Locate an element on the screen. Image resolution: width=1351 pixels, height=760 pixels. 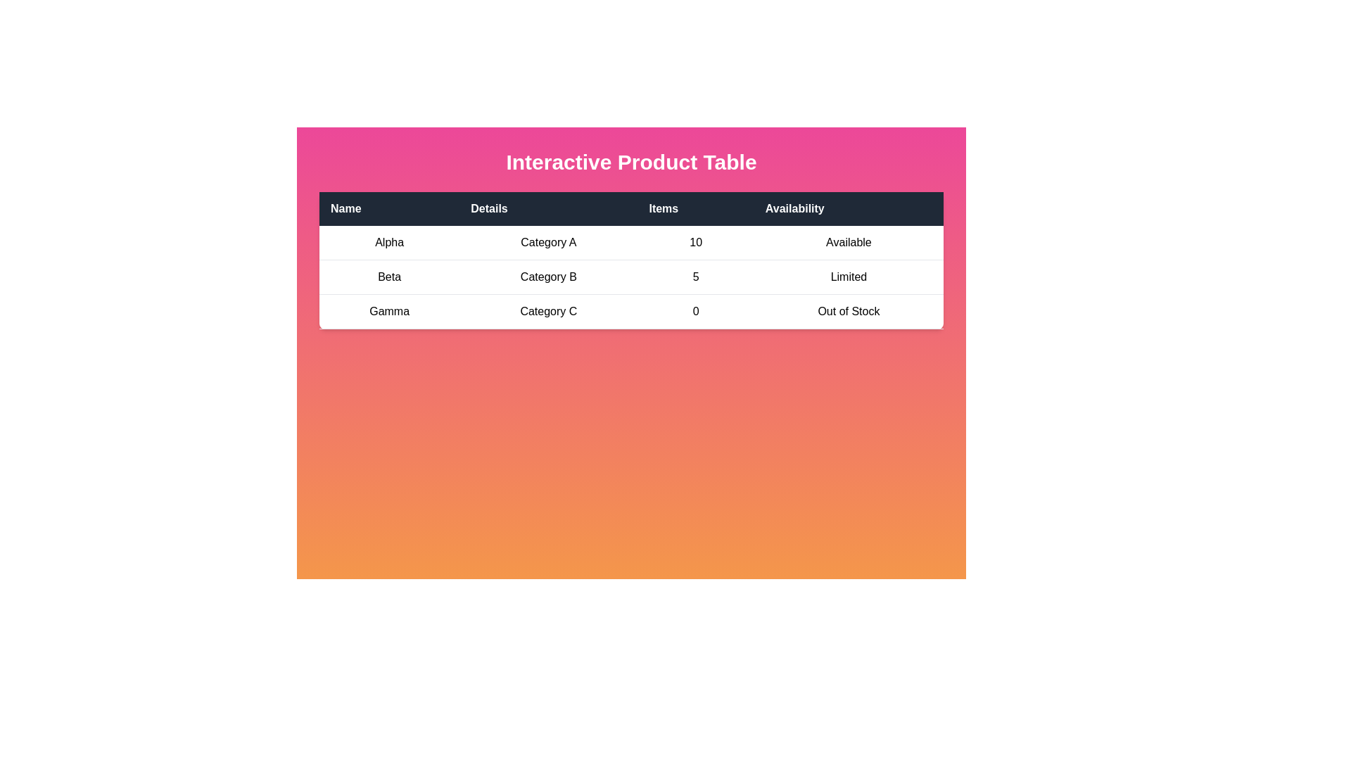
text content of the static label displaying 'Category A' located in the second column of the first data row in the table is located at coordinates (547, 242).